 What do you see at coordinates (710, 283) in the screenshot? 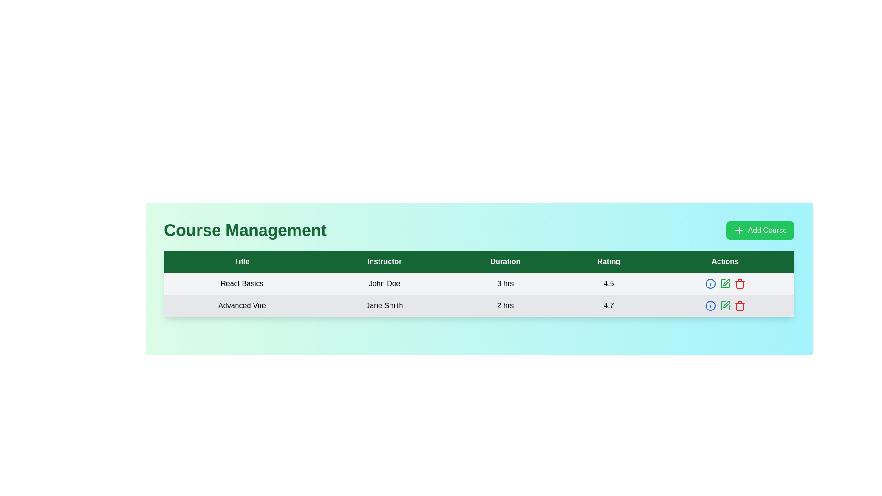
I see `SVG circle element representing the 'Advanced Vue' course in the 'Actions' column of the second row using developer tools` at bounding box center [710, 283].